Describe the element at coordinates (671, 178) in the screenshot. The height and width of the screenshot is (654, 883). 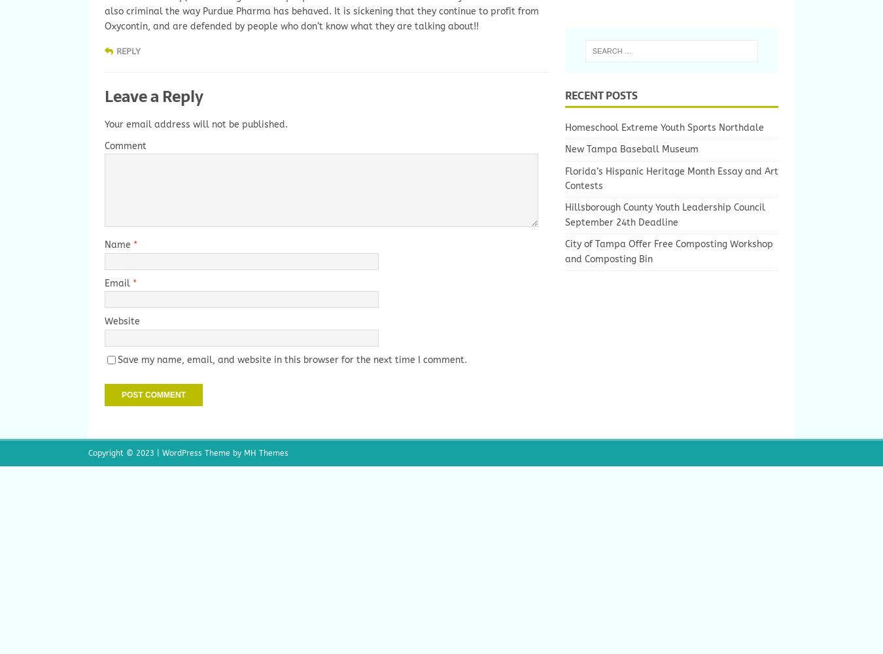
I see `'Florida’s Hispanic Heritage Month Essay and Art Contests'` at that location.